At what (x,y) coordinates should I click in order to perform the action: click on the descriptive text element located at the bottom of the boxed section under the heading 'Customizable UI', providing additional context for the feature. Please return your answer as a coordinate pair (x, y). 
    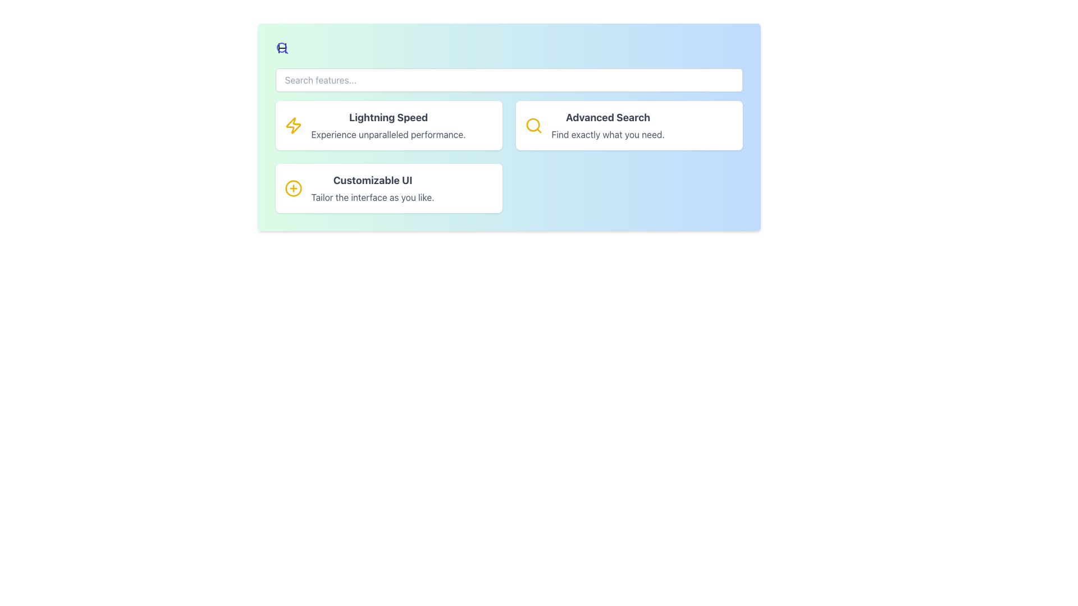
    Looking at the image, I should click on (373, 196).